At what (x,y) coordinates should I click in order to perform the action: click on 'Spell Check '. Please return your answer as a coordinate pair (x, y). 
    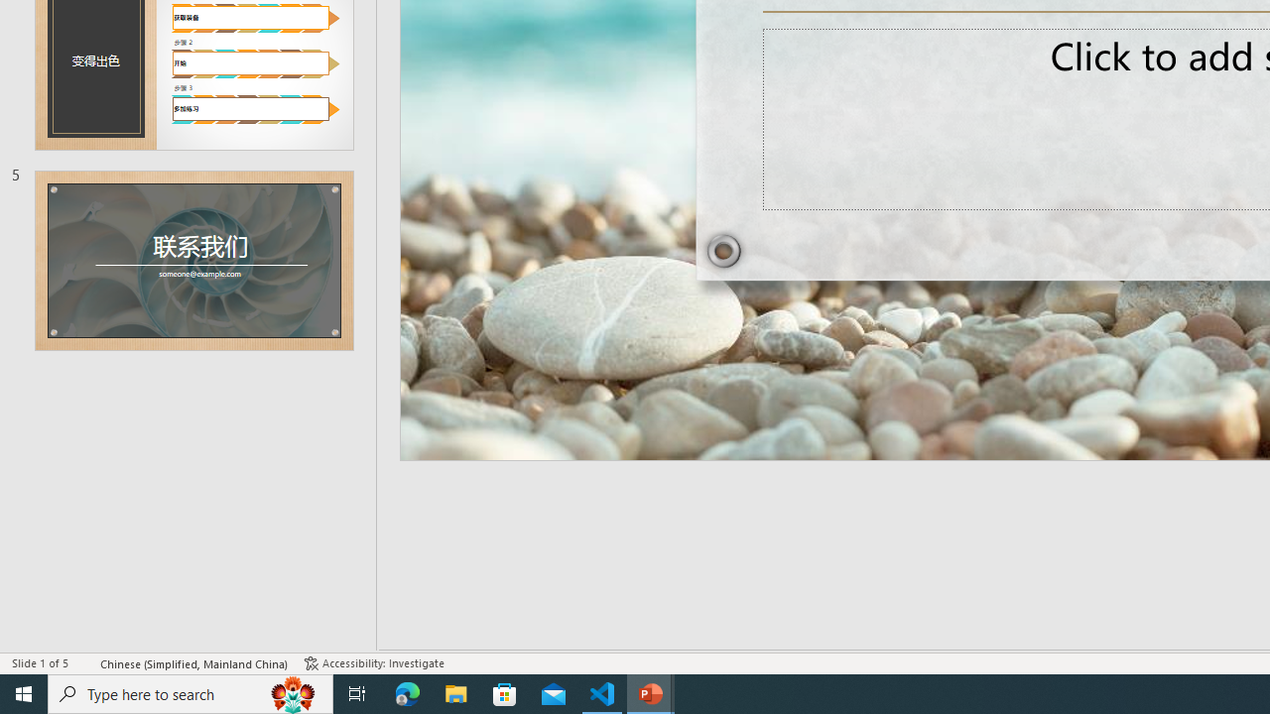
    Looking at the image, I should click on (84, 663).